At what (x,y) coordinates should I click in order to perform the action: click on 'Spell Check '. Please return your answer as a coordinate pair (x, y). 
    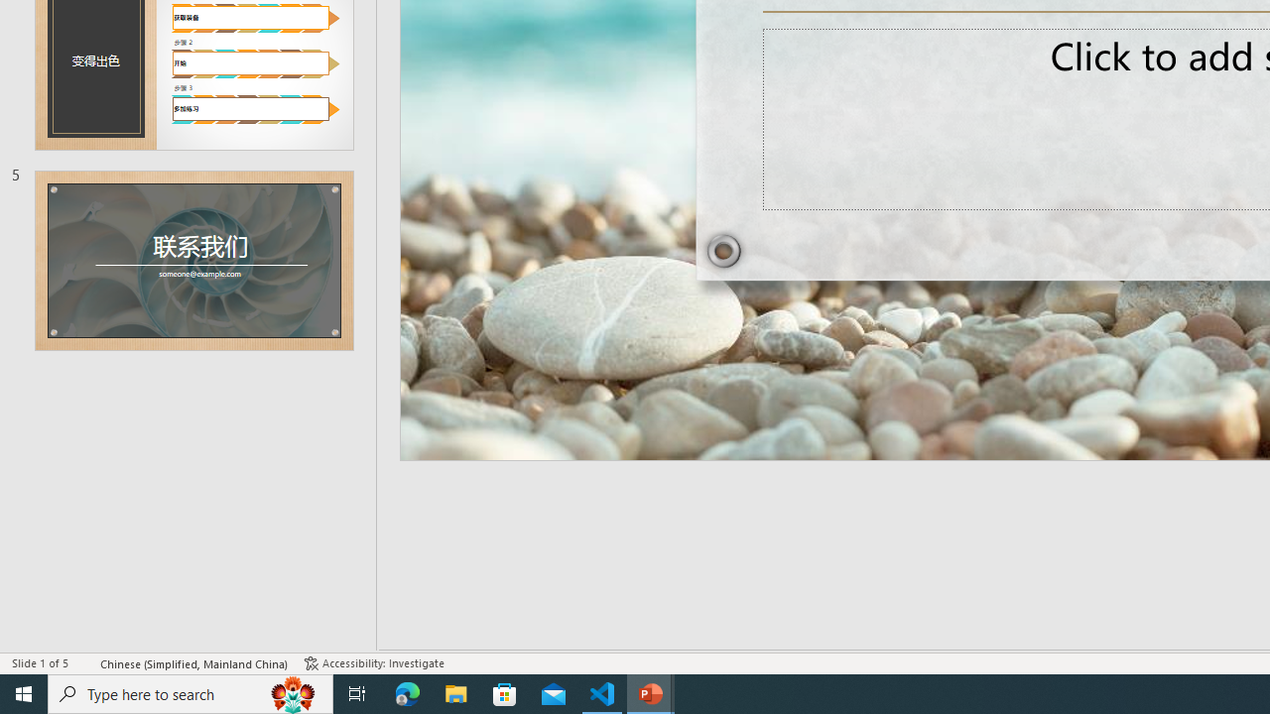
    Looking at the image, I should click on (84, 663).